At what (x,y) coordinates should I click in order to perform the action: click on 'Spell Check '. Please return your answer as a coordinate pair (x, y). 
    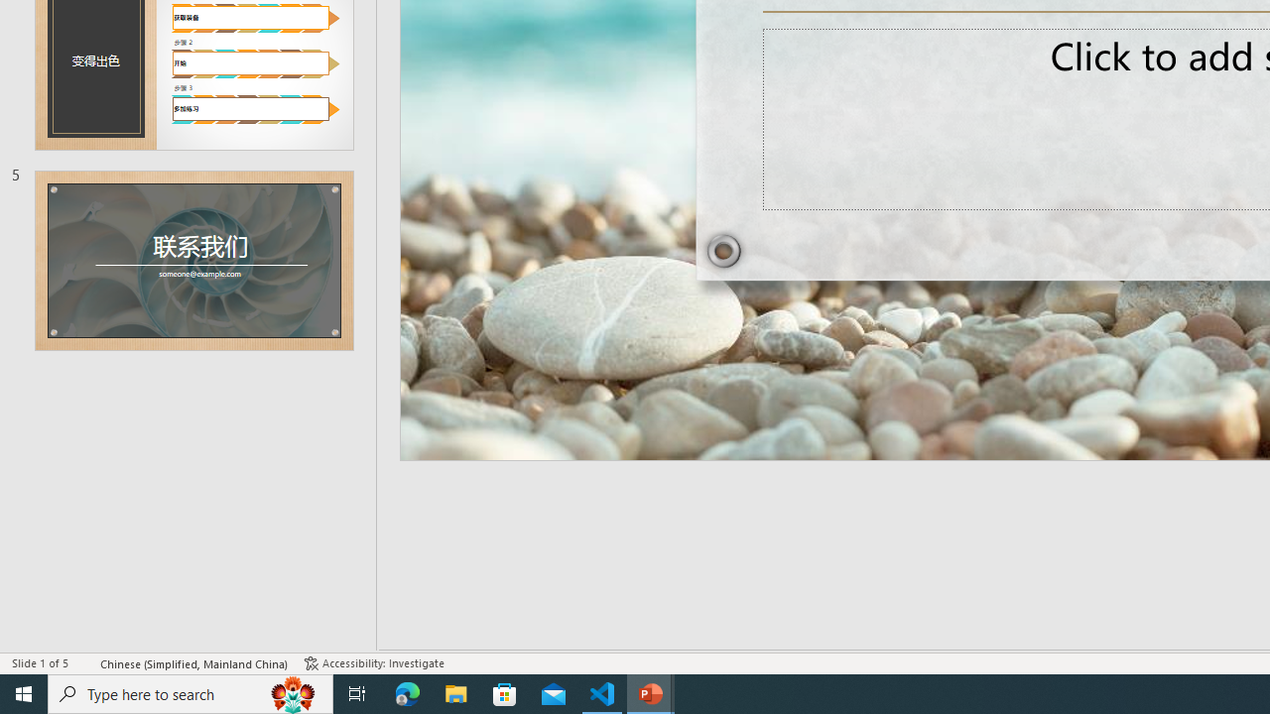
    Looking at the image, I should click on (84, 663).